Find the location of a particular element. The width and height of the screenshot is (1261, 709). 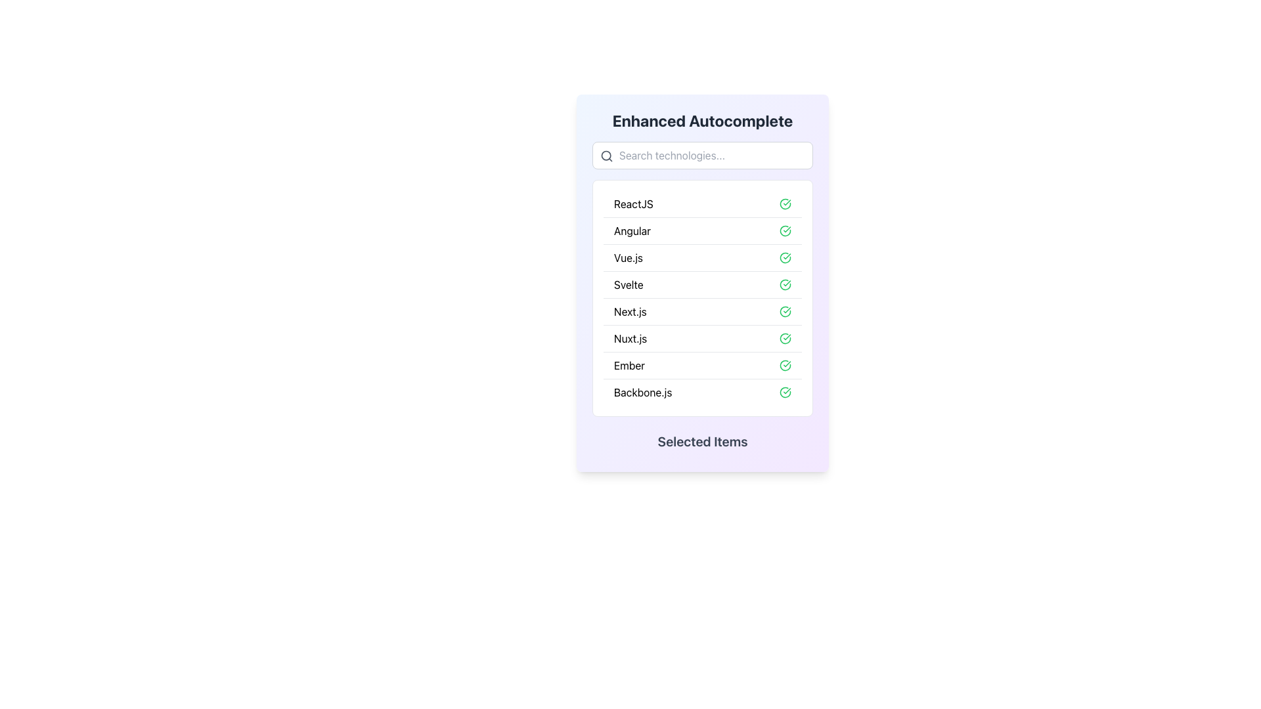

the 'Angular' text label, which is the second item in the list is located at coordinates (632, 230).